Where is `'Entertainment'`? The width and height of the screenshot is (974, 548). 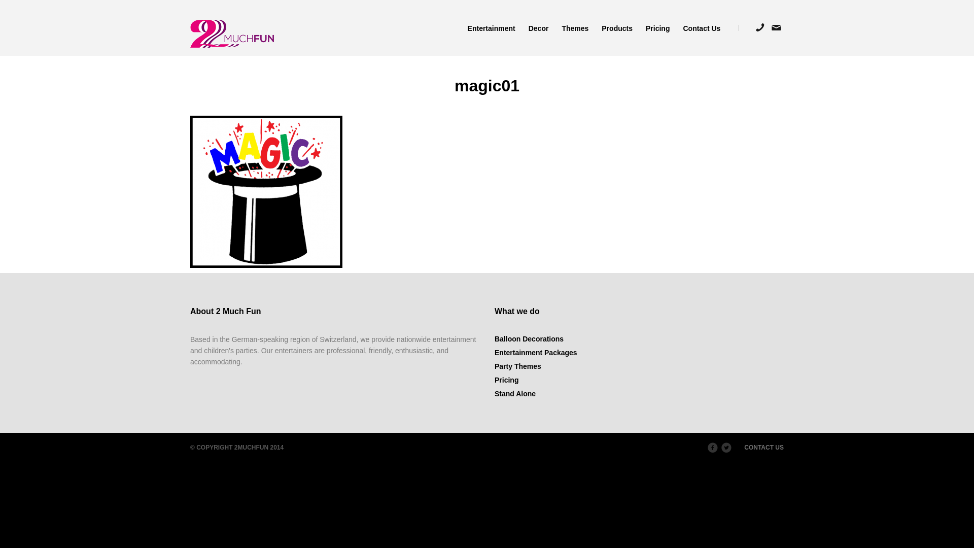 'Entertainment' is located at coordinates (492, 27).